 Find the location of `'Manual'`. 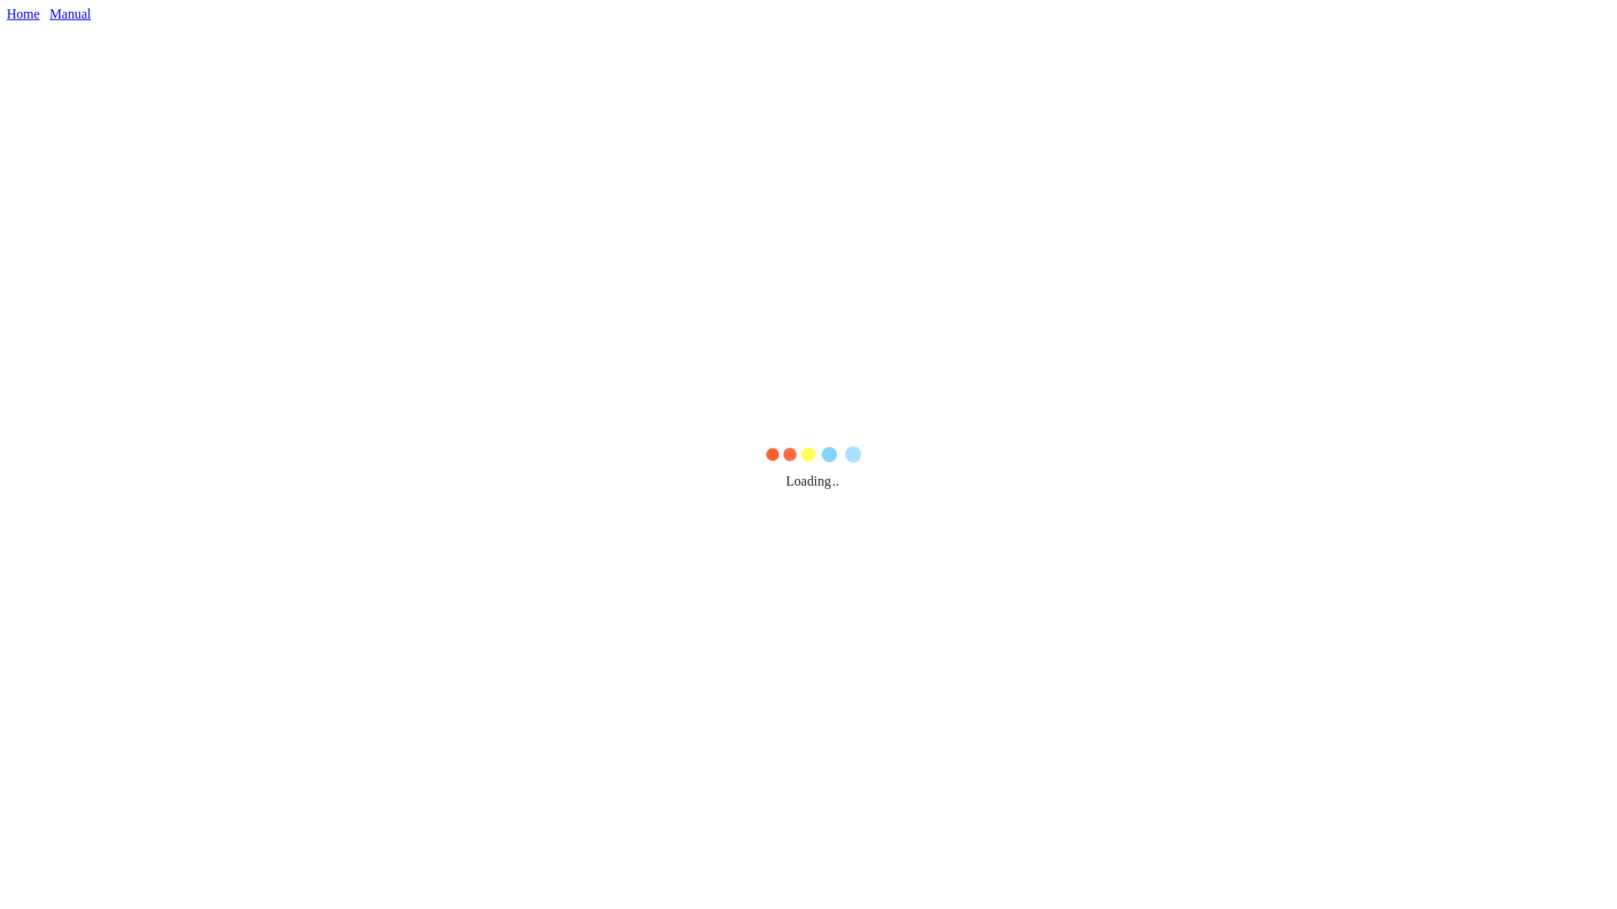

'Manual' is located at coordinates (69, 13).